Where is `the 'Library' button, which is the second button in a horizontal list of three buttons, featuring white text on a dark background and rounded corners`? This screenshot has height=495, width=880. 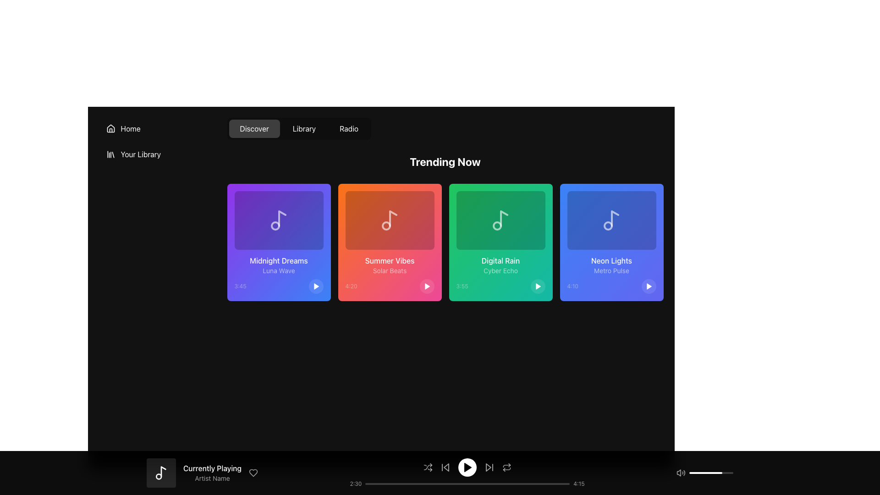 the 'Library' button, which is the second button in a horizontal list of three buttons, featuring white text on a dark background and rounded corners is located at coordinates (304, 129).